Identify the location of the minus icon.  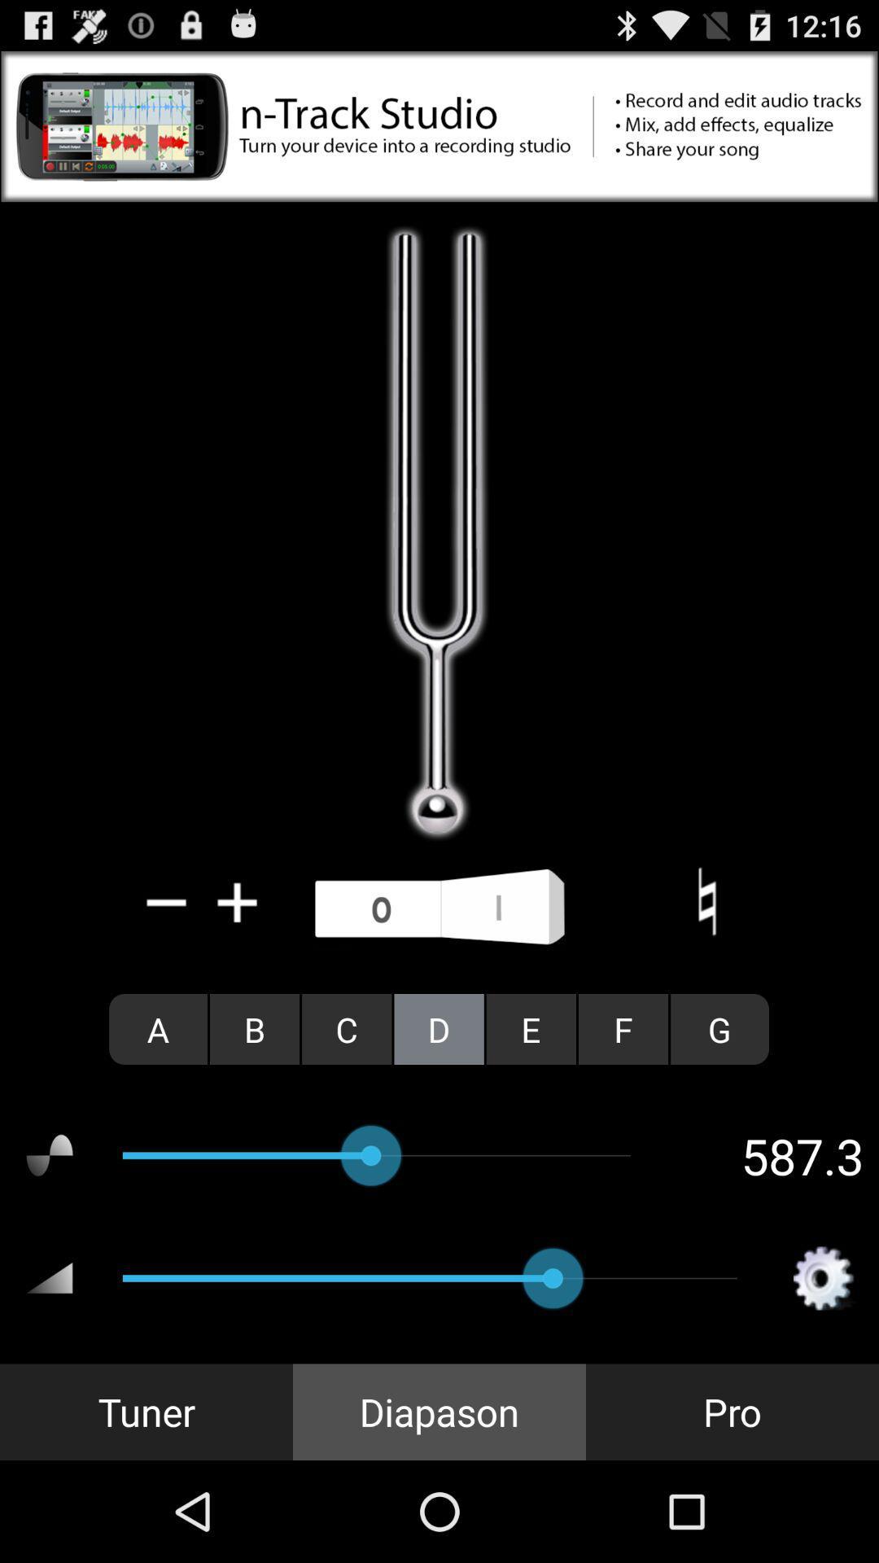
(167, 965).